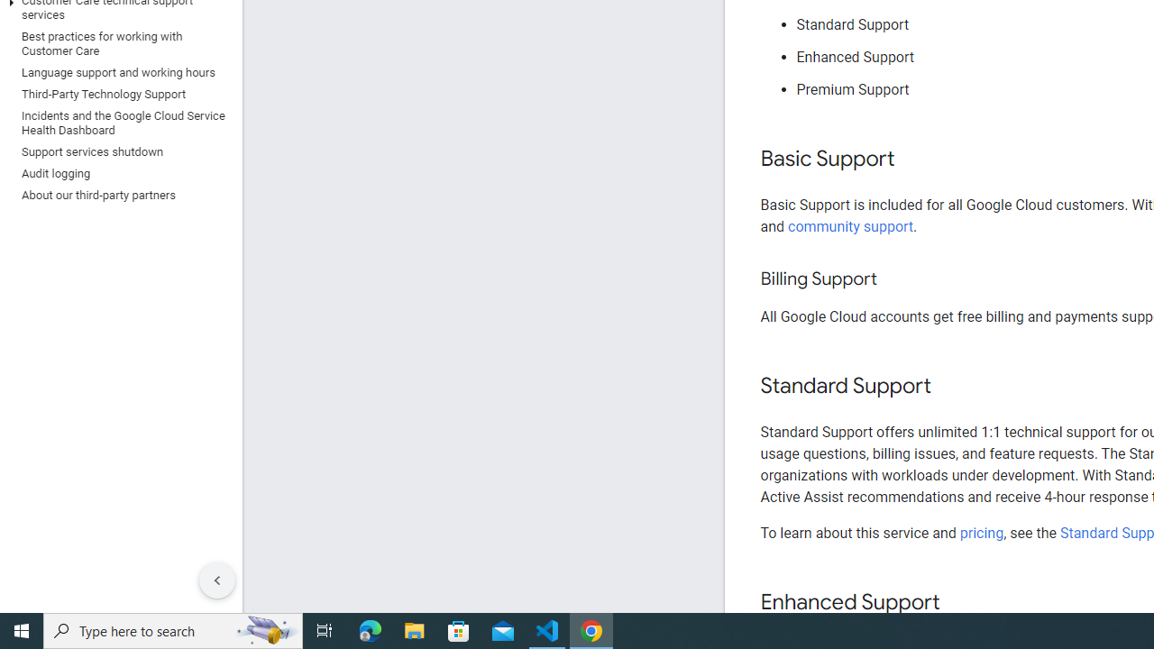 The width and height of the screenshot is (1154, 649). Describe the element at coordinates (116, 151) in the screenshot. I see `'Support services shutdown'` at that location.